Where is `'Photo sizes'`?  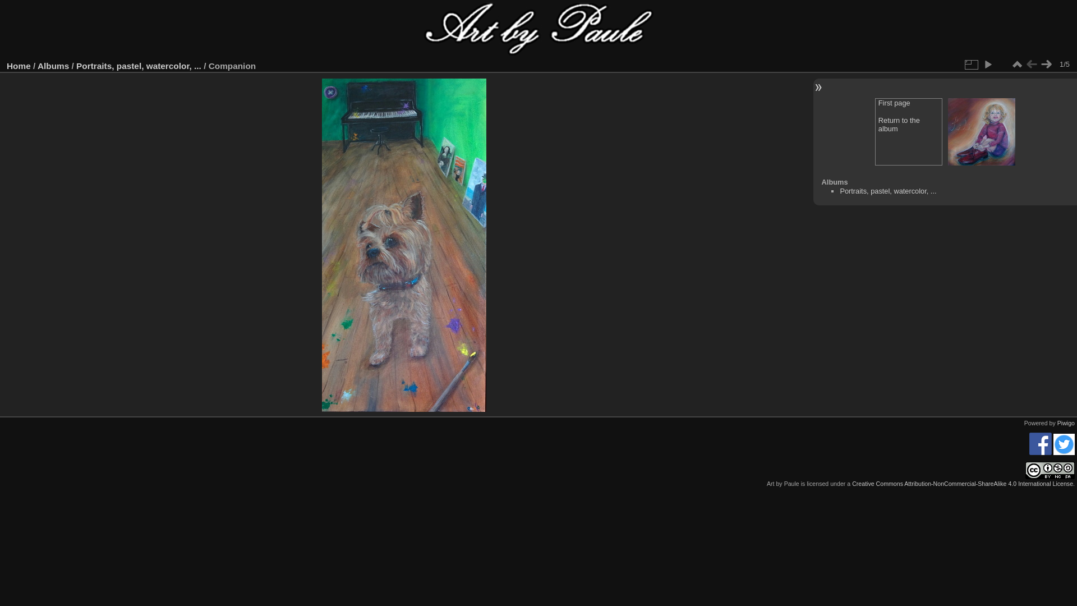
'Photo sizes' is located at coordinates (970, 65).